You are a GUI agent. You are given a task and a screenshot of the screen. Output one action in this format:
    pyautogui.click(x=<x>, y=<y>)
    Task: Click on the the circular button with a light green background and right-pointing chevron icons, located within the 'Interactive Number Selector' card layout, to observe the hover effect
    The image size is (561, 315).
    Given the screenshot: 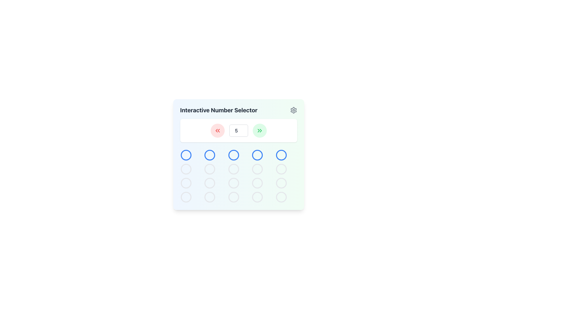 What is the action you would take?
    pyautogui.click(x=259, y=130)
    